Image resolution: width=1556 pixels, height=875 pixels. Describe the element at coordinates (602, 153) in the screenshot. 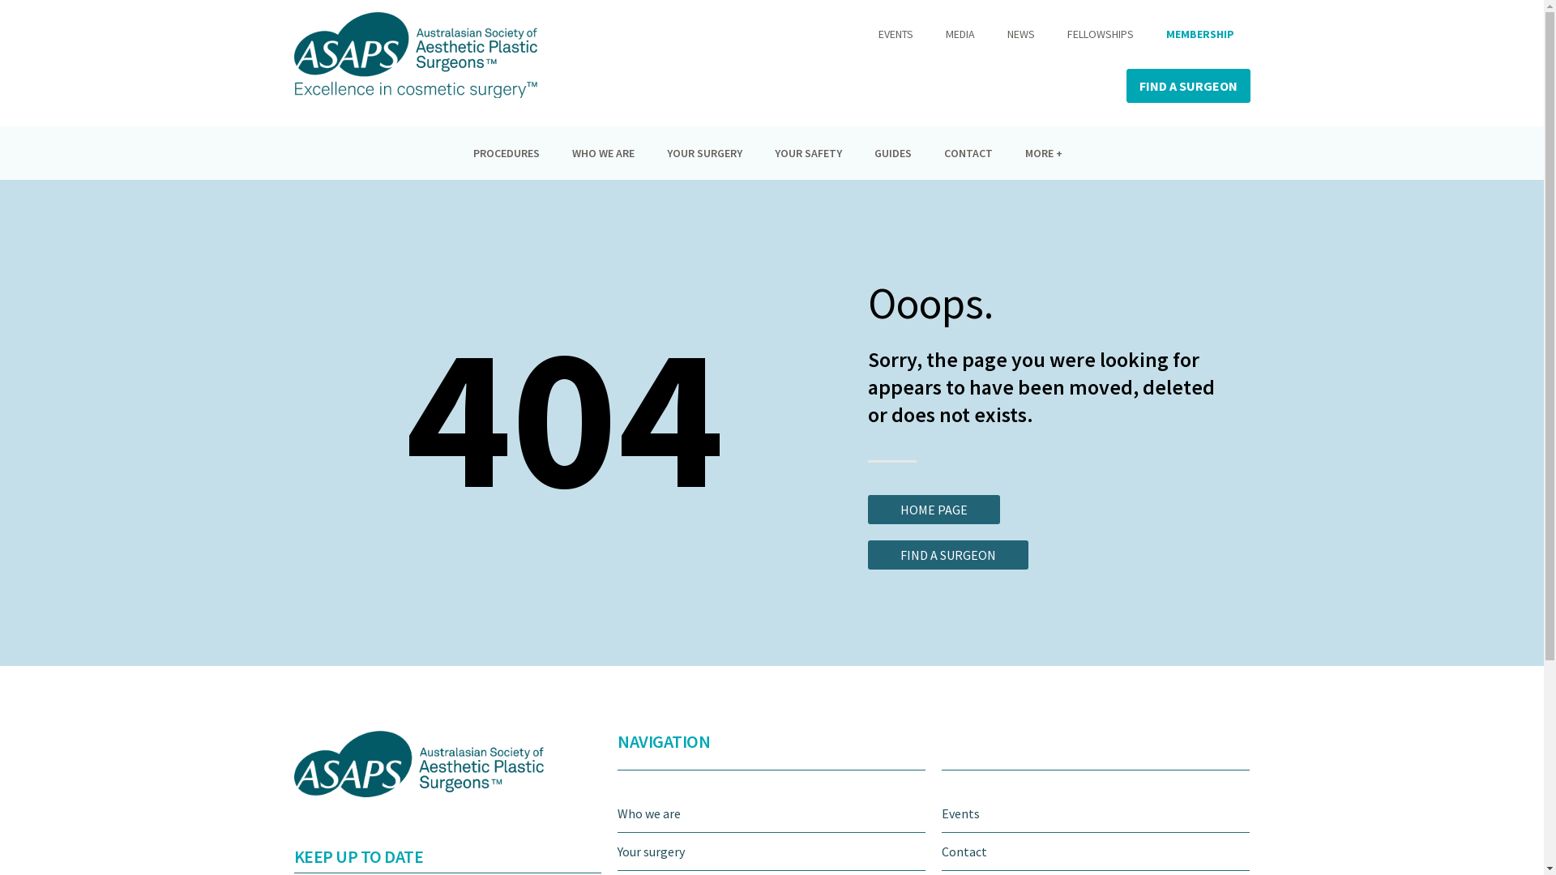

I see `'WHO WE ARE'` at that location.